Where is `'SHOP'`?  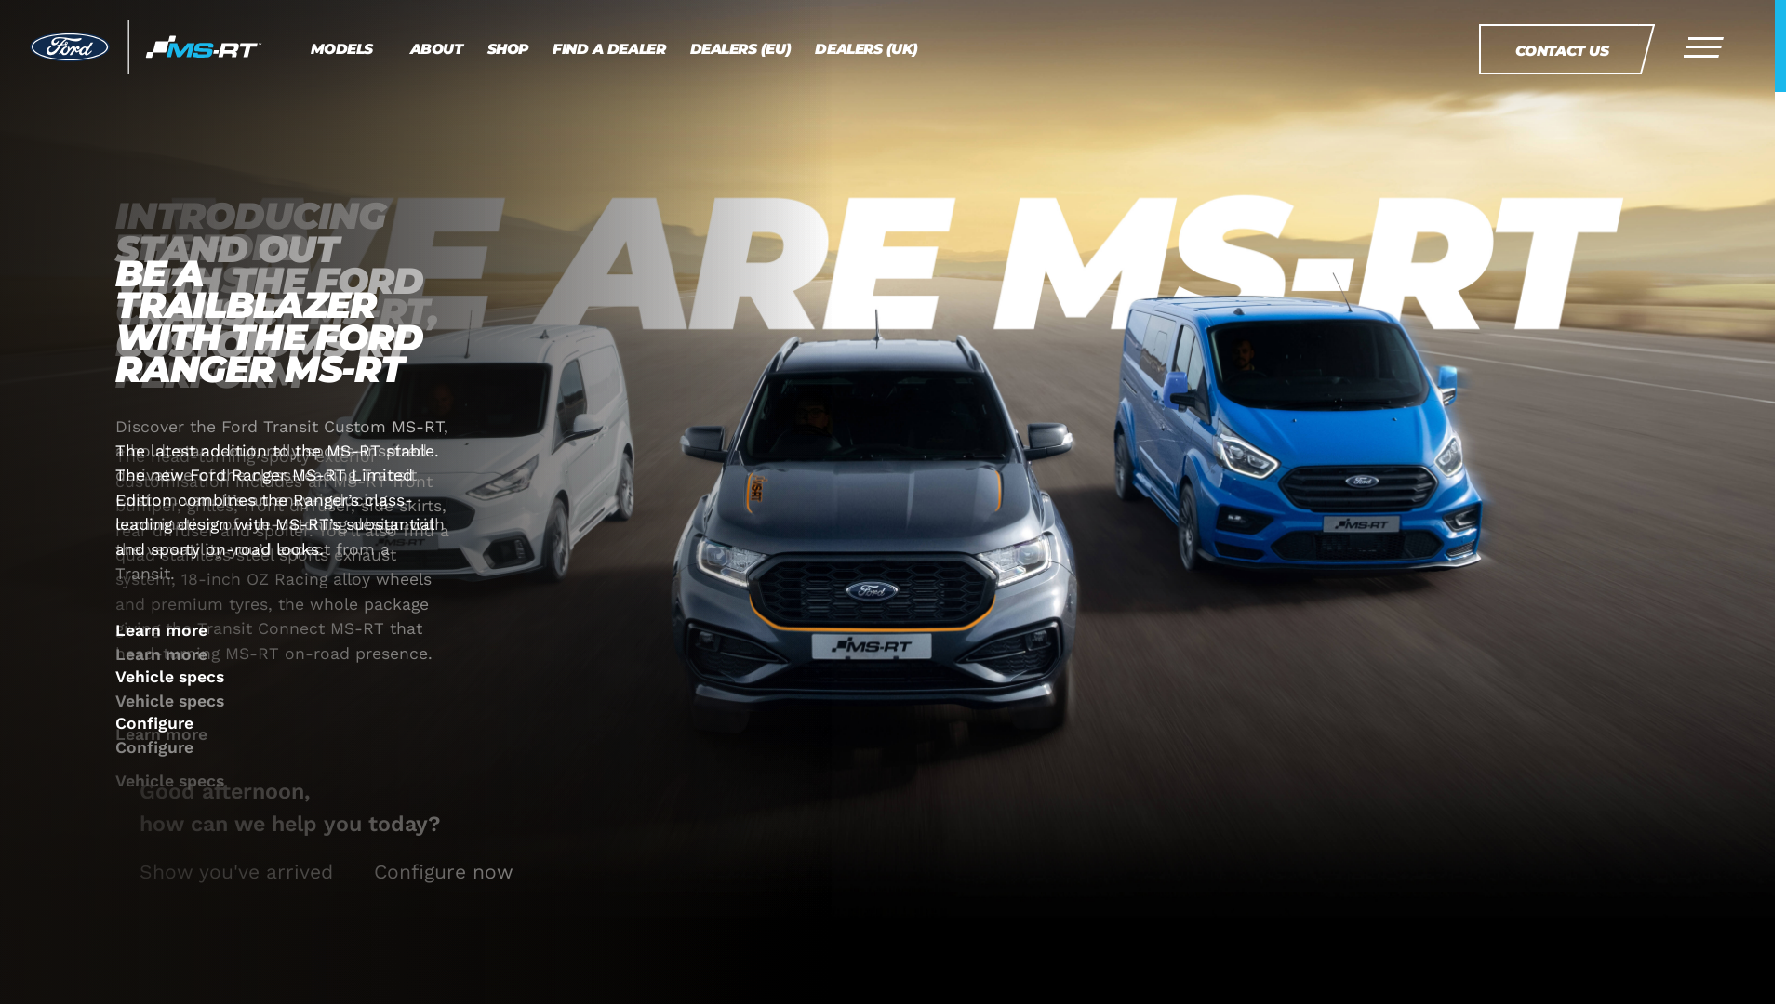 'SHOP' is located at coordinates (470, 48).